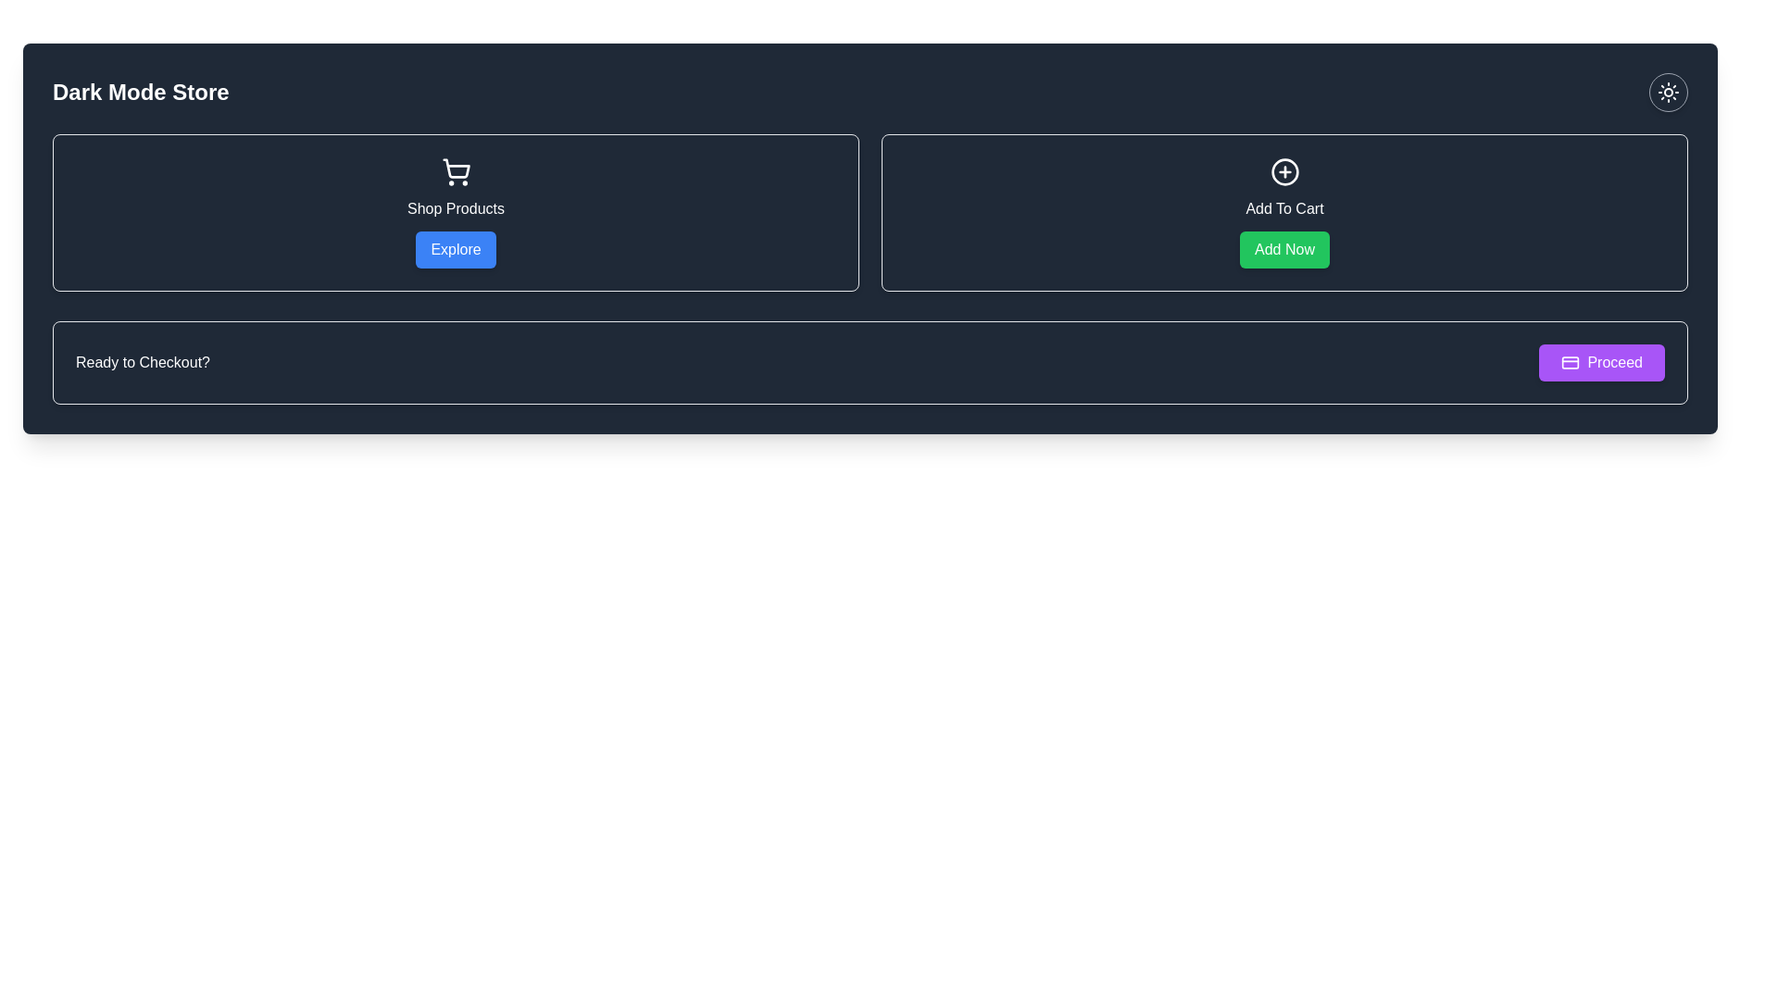 Image resolution: width=1778 pixels, height=1000 pixels. Describe the element at coordinates (1570, 363) in the screenshot. I see `the rectangular icon representing a credit card, which is styled with rounded corners and positioned in the center of the graphic representation of a credit card` at that location.